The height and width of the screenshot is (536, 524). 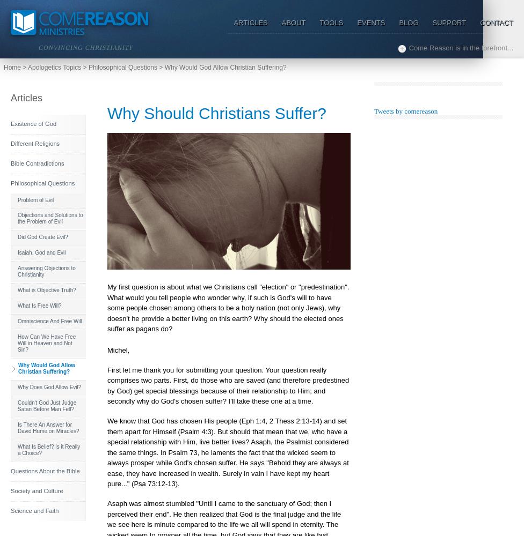 I want to click on 'Did God Create Evil?', so click(x=42, y=236).